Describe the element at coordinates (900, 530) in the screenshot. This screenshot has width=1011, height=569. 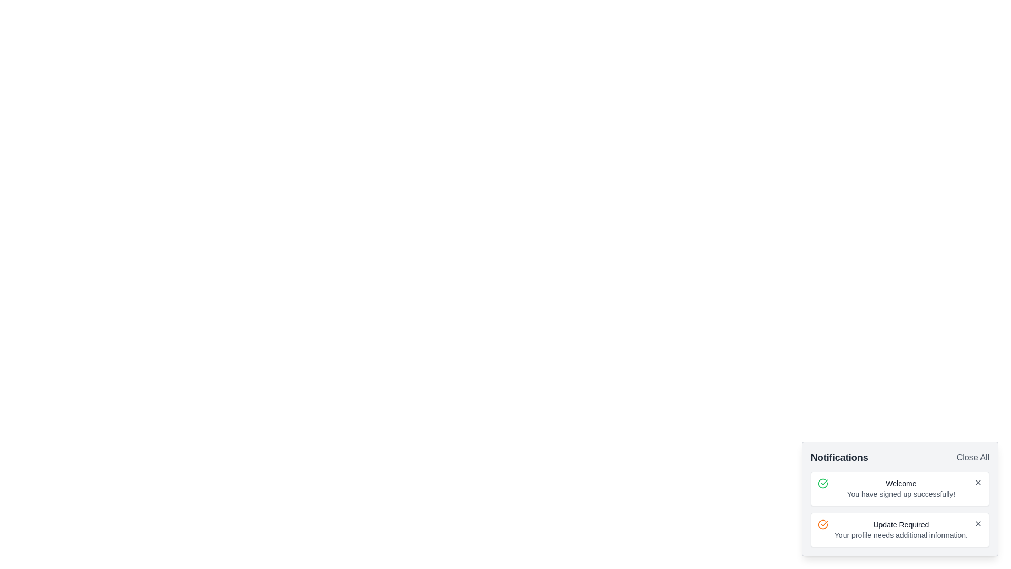
I see `notification message displayed as the second entry in the notification panel, located below the 'Welcome' notification in the bottom-right corner of the interface` at that location.